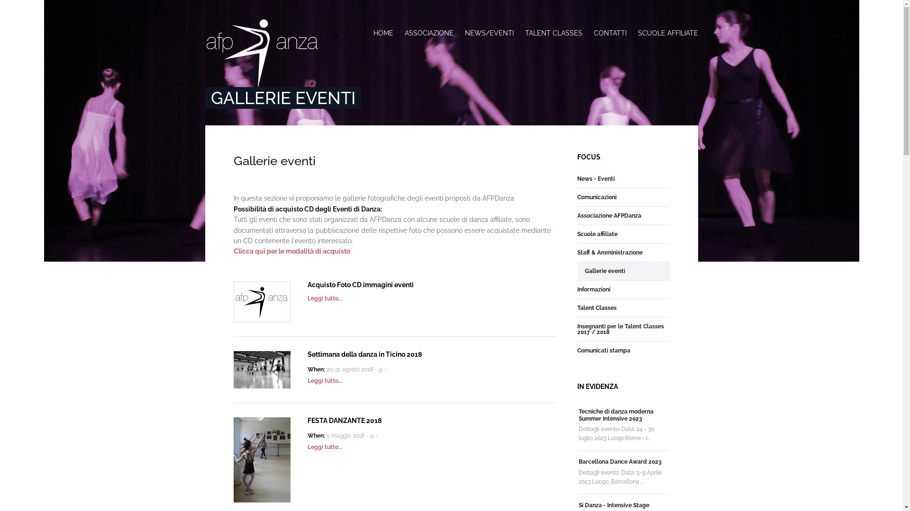  What do you see at coordinates (489, 32) in the screenshot?
I see `'NEWS/EVENTI'` at bounding box center [489, 32].